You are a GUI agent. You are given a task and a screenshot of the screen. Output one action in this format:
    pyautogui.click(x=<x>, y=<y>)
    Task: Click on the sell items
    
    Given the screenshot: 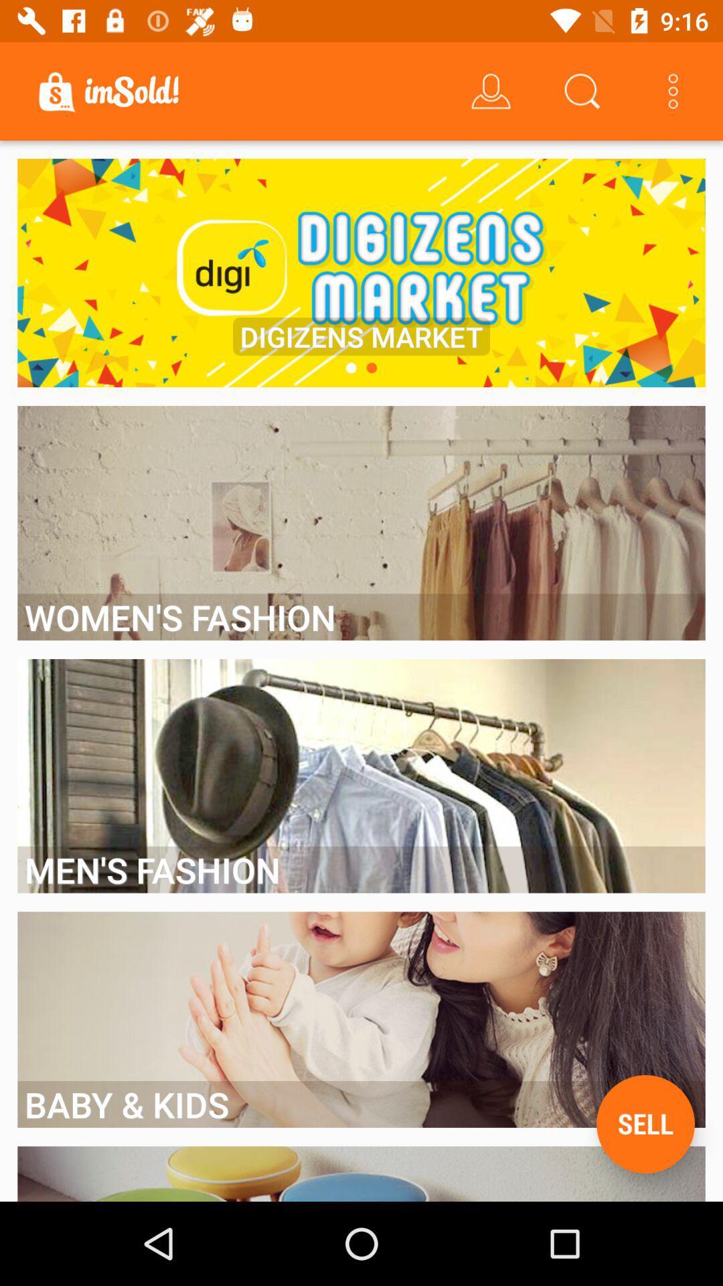 What is the action you would take?
    pyautogui.click(x=645, y=1124)
    